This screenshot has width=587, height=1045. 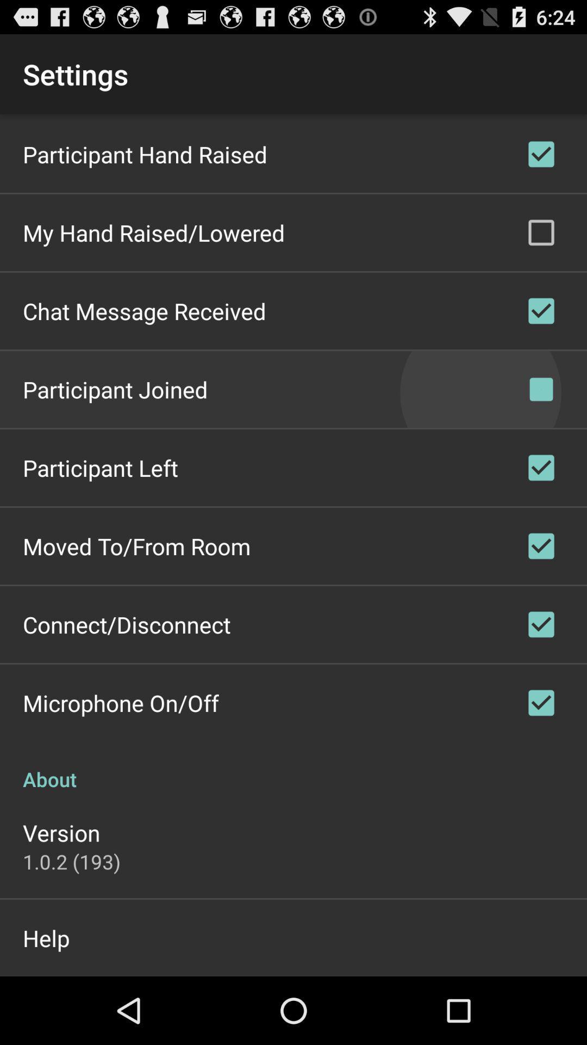 What do you see at coordinates (136, 546) in the screenshot?
I see `moved to from app` at bounding box center [136, 546].